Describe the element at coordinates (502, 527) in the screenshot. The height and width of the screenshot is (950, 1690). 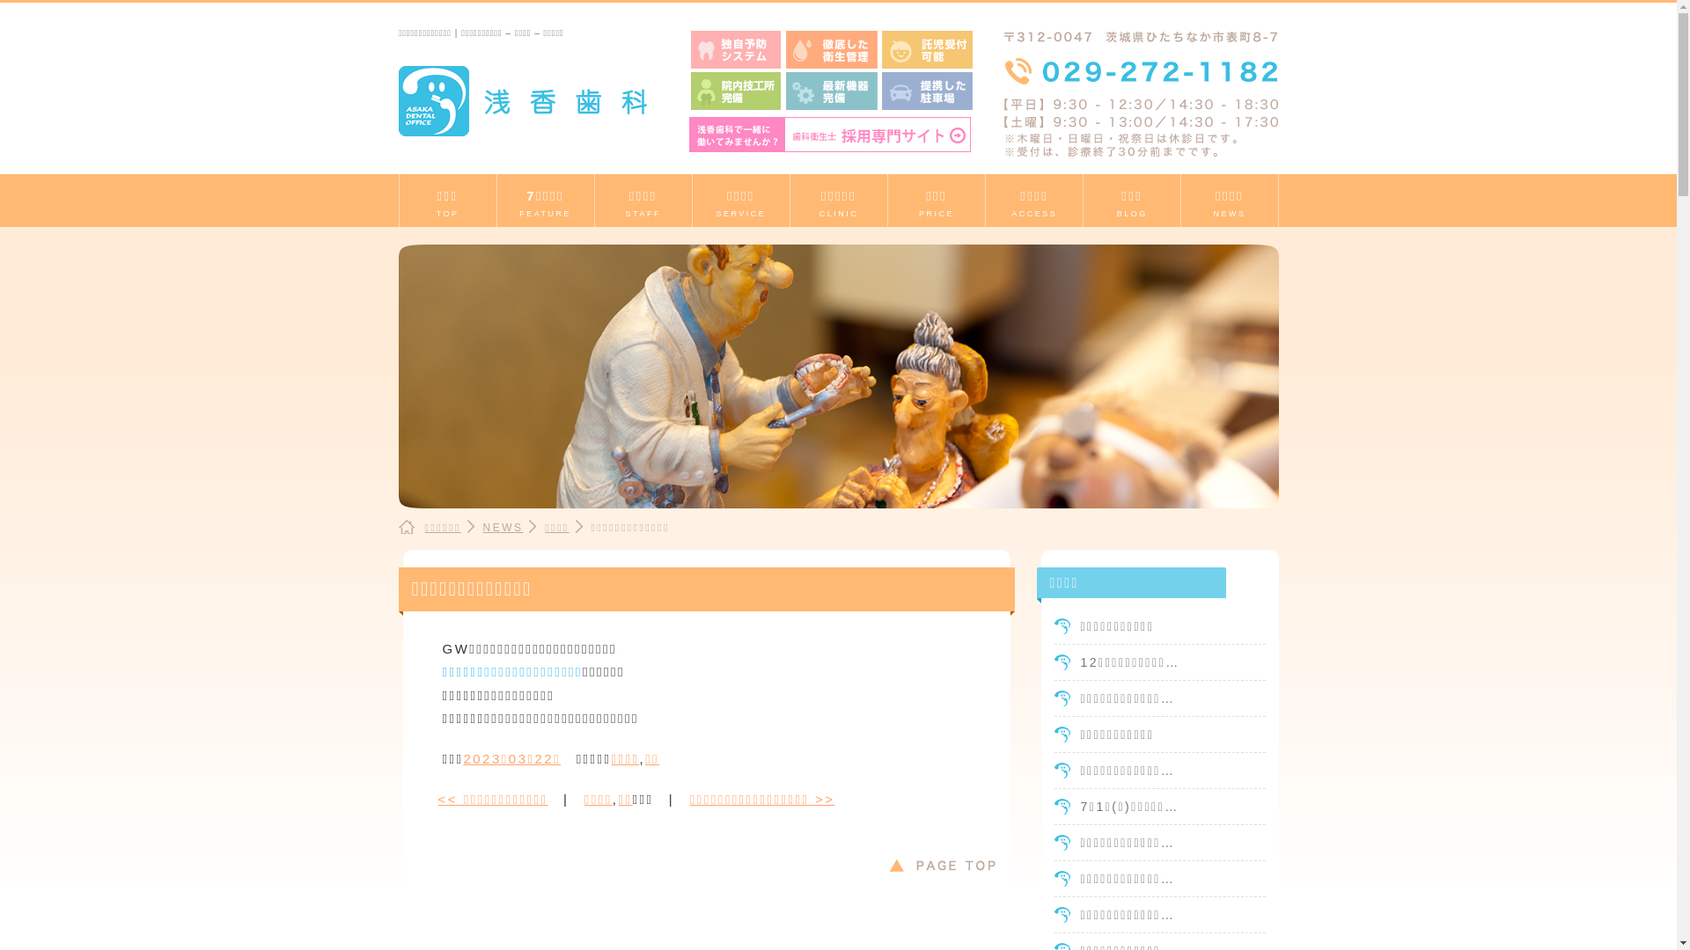
I see `'NEWS'` at that location.